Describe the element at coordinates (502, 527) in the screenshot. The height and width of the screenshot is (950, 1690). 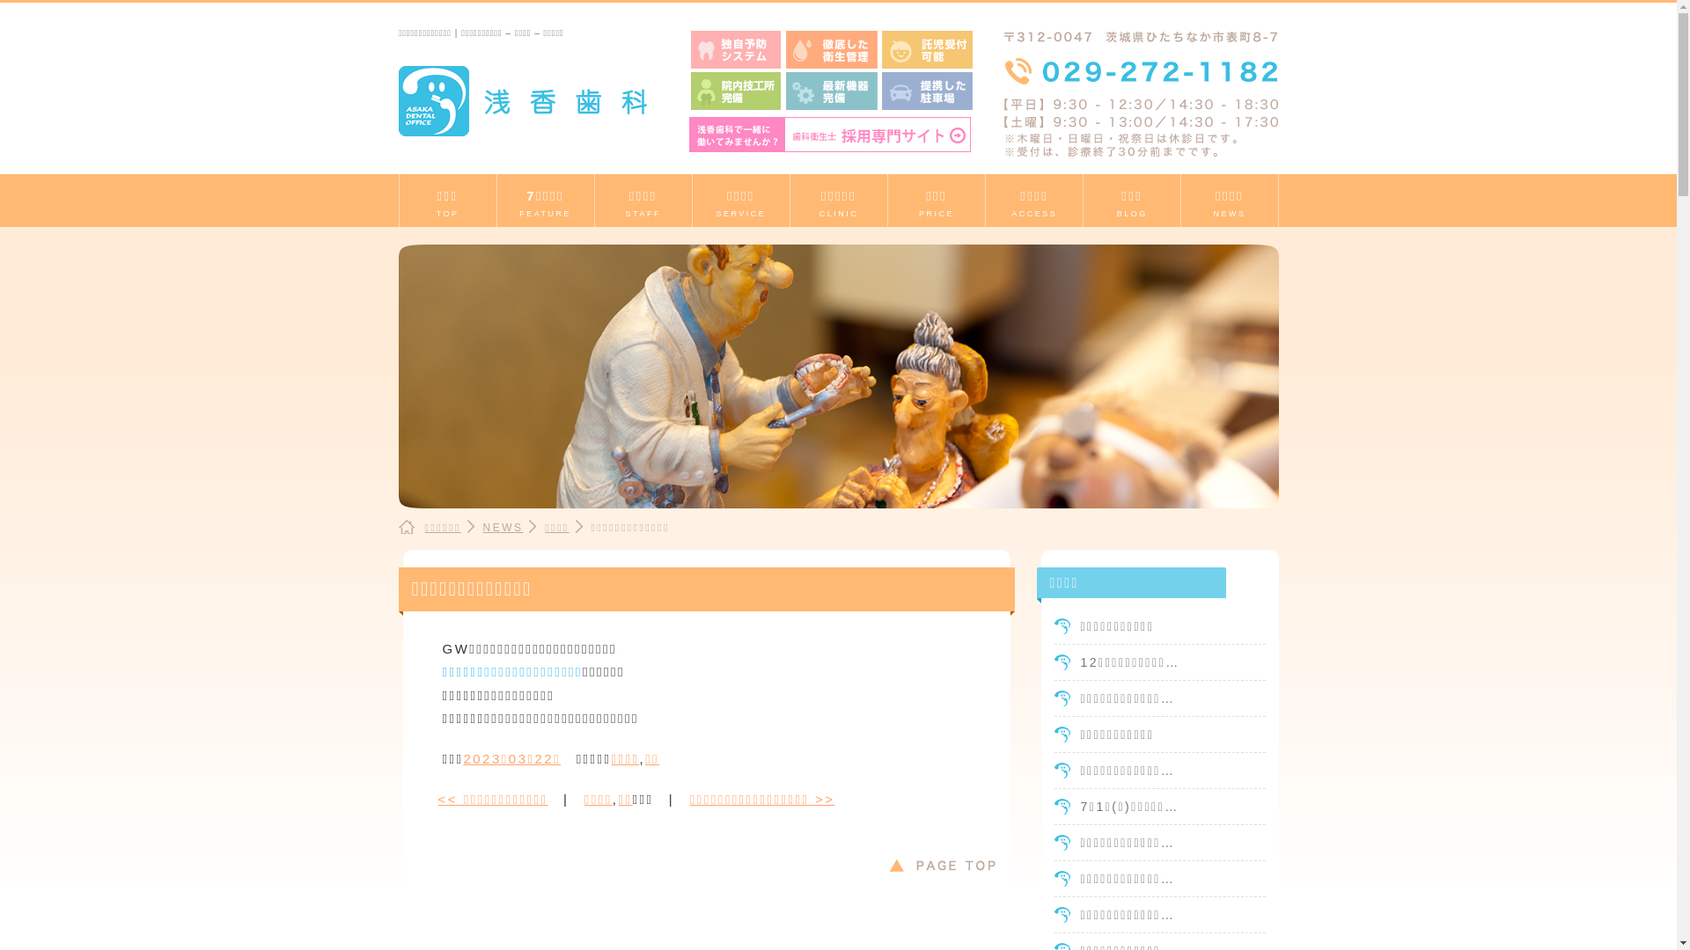
I see `'NEWS'` at that location.